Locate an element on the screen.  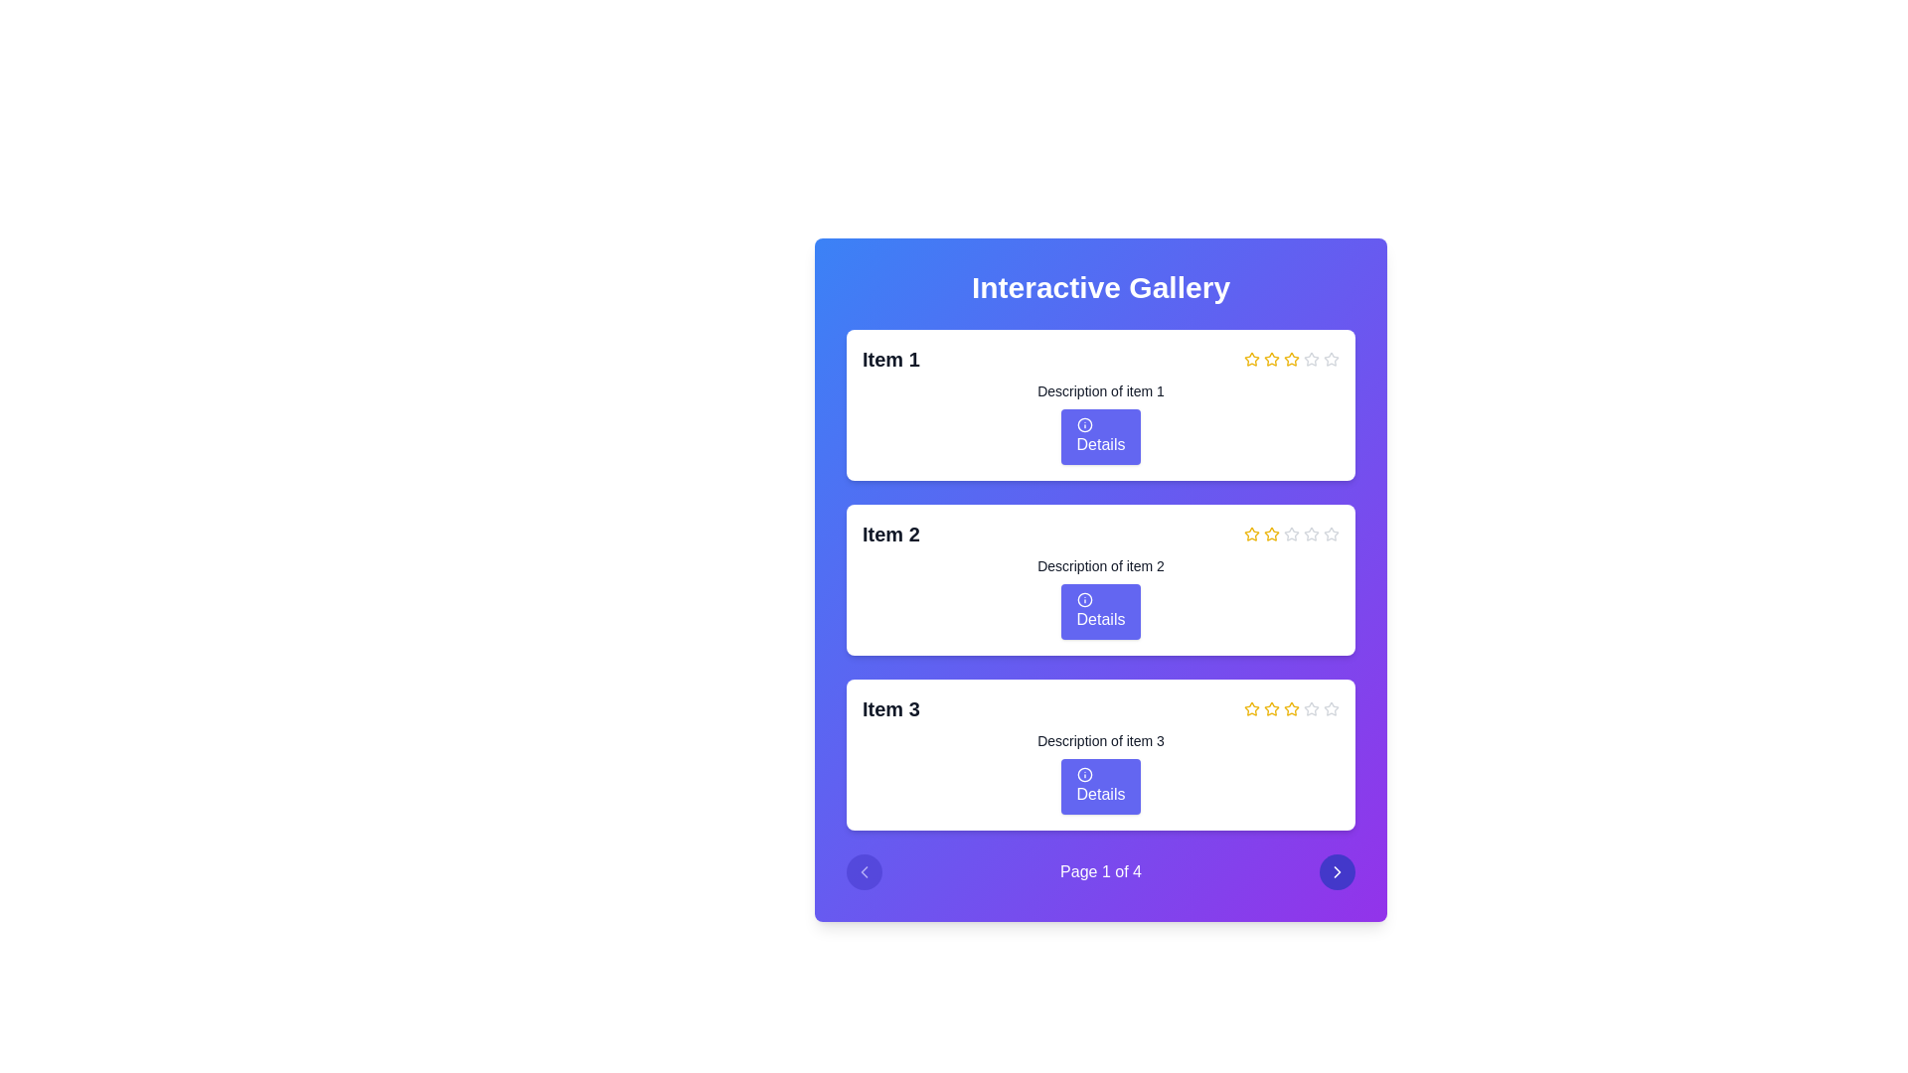
the first yellow star icon in the rating sequence, which indicates a selection for rating the item labeled 'Item 3' is located at coordinates (1250, 707).